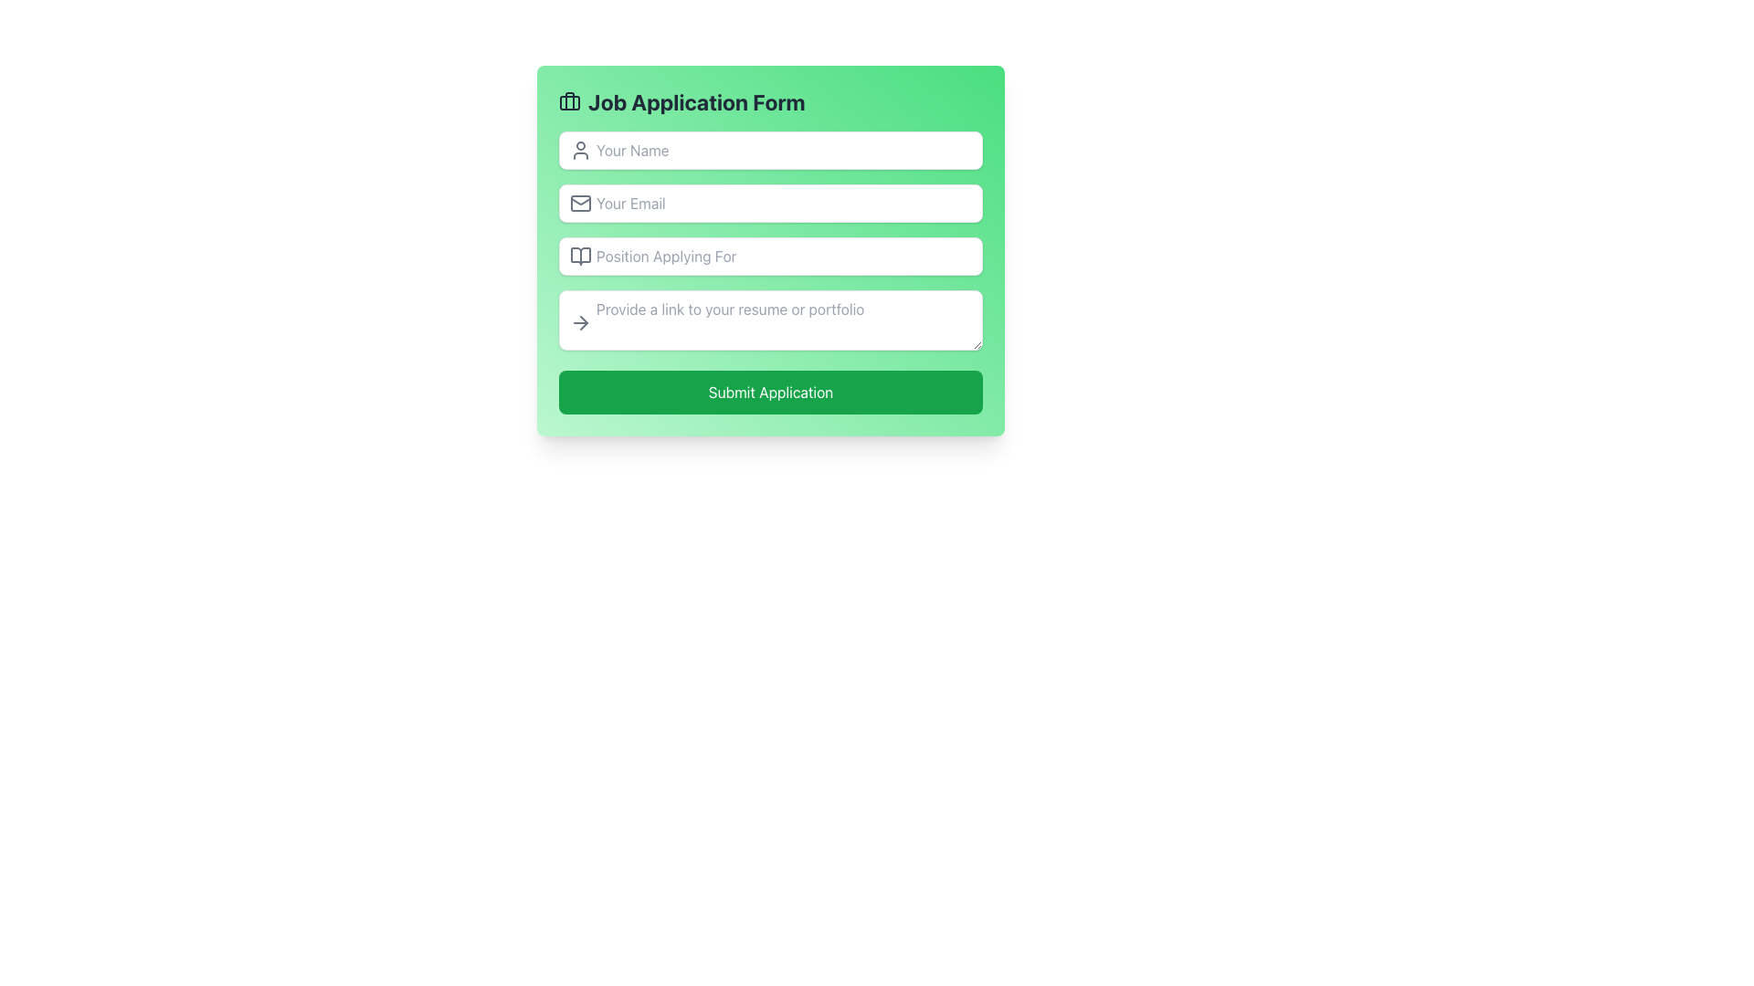 The height and width of the screenshot is (986, 1754). What do you see at coordinates (771, 204) in the screenshot?
I see `the email input field in the Job Application Form to focus it or display additional hints` at bounding box center [771, 204].